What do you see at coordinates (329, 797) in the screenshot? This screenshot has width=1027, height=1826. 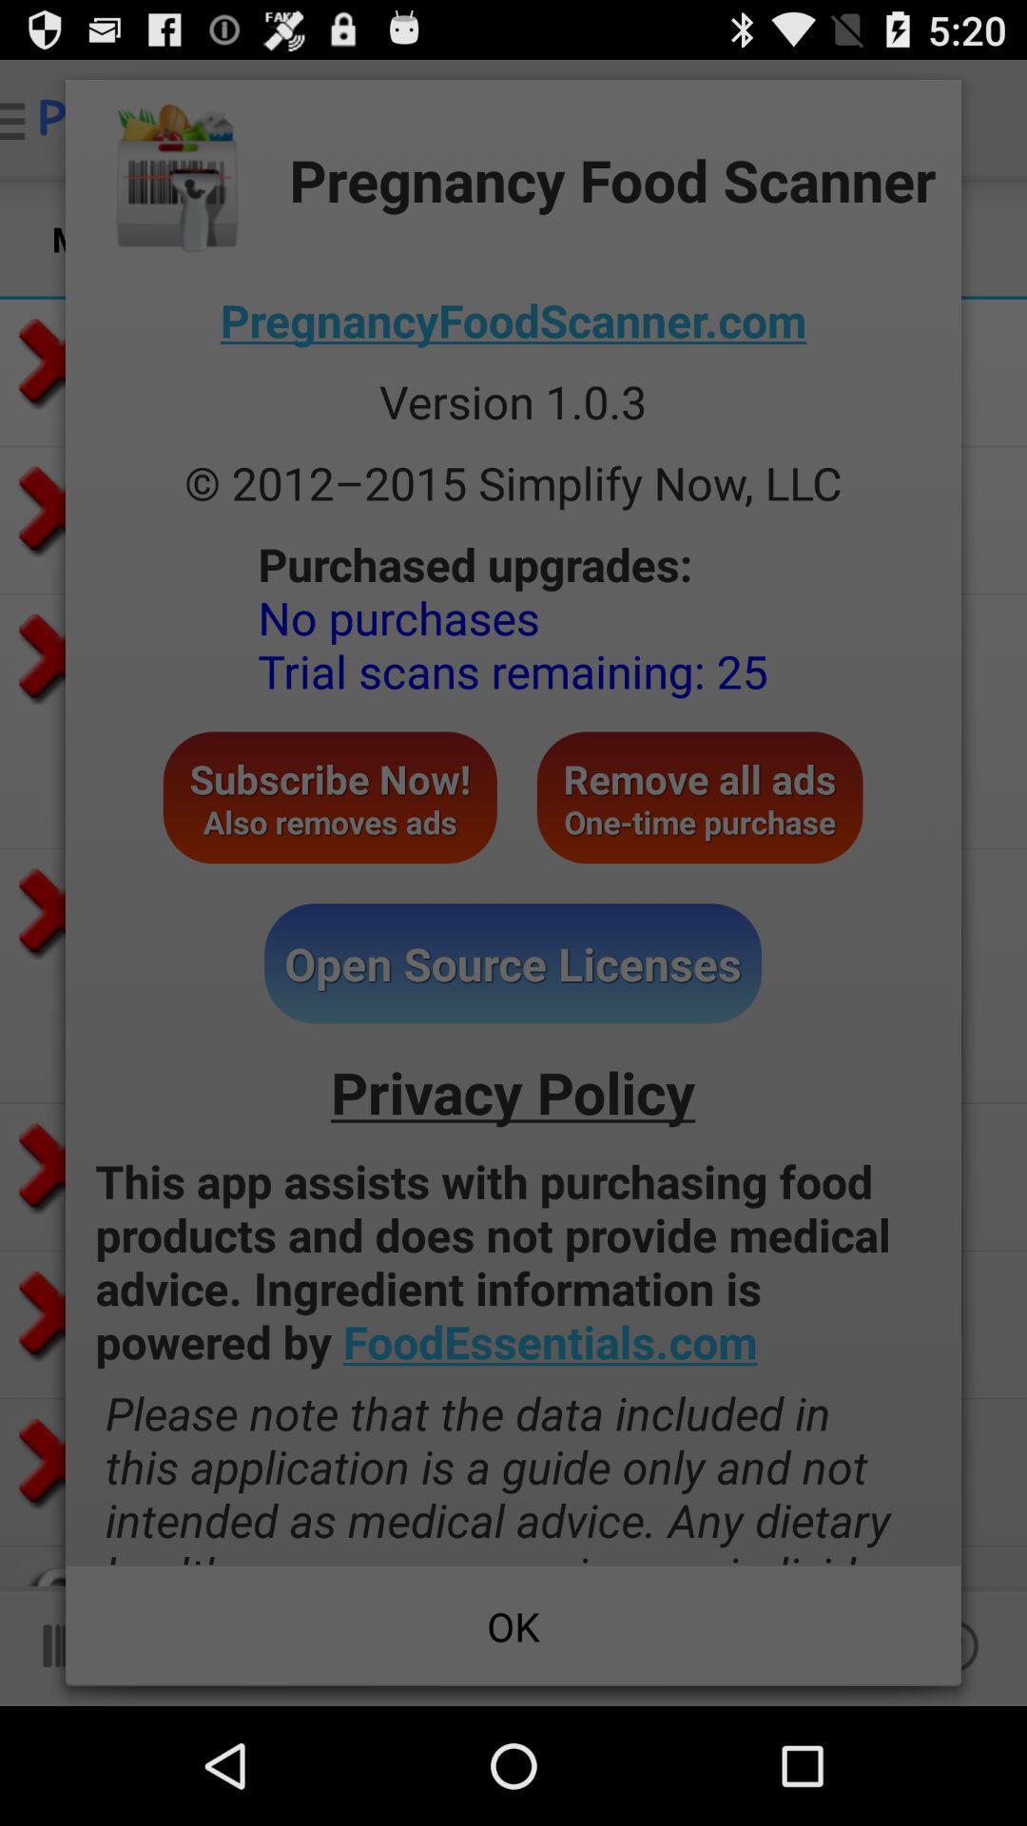 I see `the icon on the left` at bounding box center [329, 797].